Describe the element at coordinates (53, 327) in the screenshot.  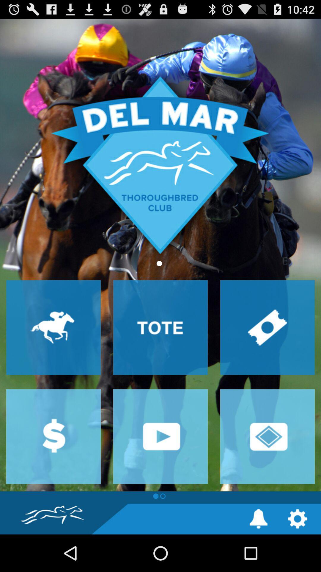
I see `races` at that location.